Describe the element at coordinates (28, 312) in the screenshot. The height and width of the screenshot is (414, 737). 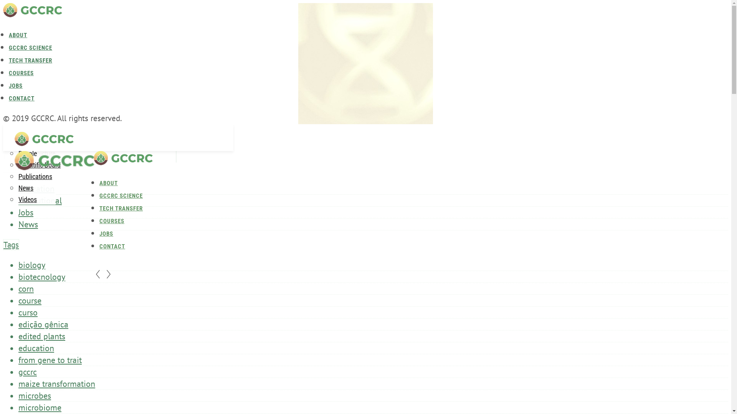
I see `'curso'` at that location.